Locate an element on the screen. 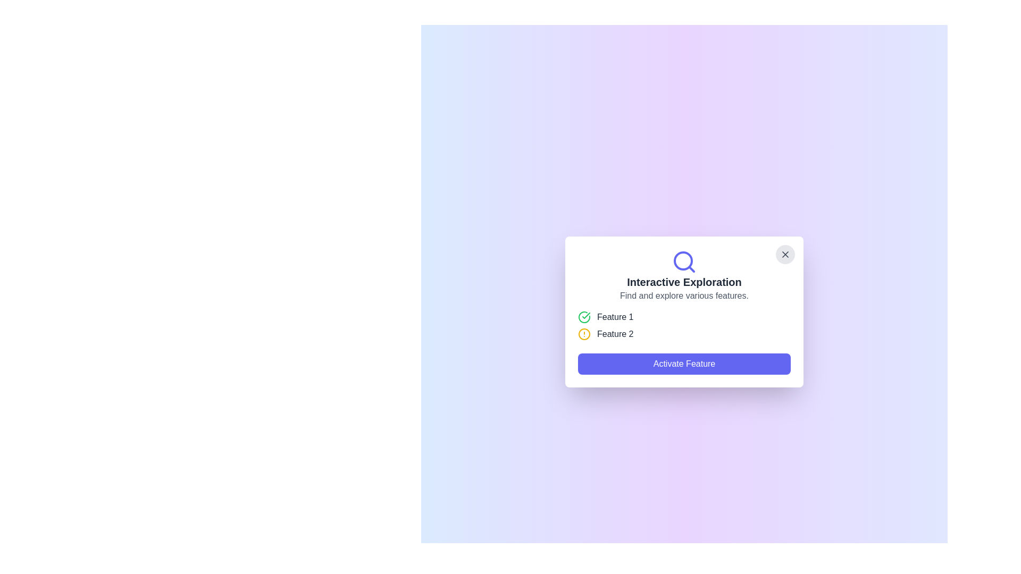 This screenshot has height=574, width=1021. the SVG circle graphic that visually indicates an alert or warning, which is centrally positioned inside a circular alert icon with a yellow border near the second item in the feature list is located at coordinates (584, 333).